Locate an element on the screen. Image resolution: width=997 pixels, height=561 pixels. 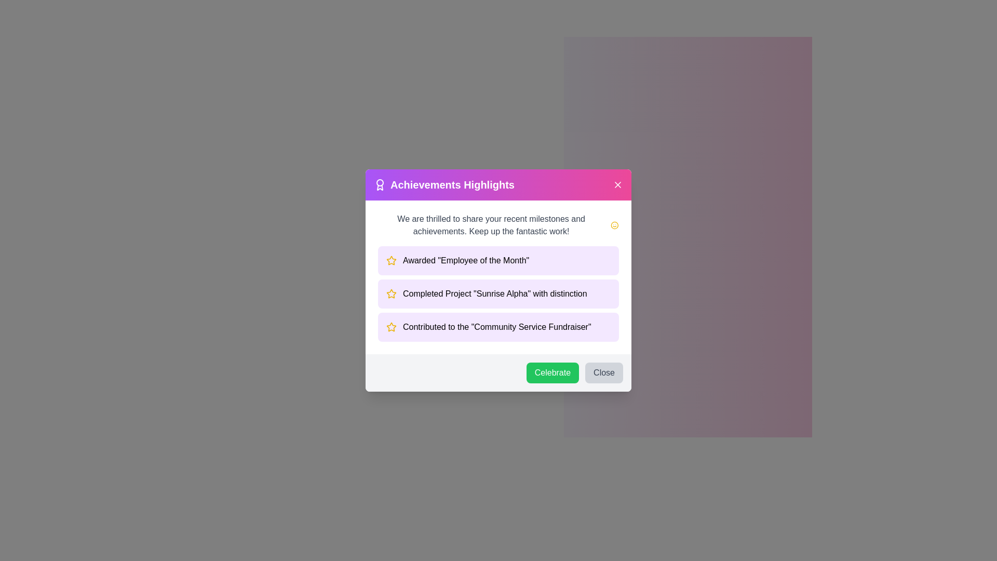
the close button icon located at the top-right corner of the dialog's header is located at coordinates (618, 184).